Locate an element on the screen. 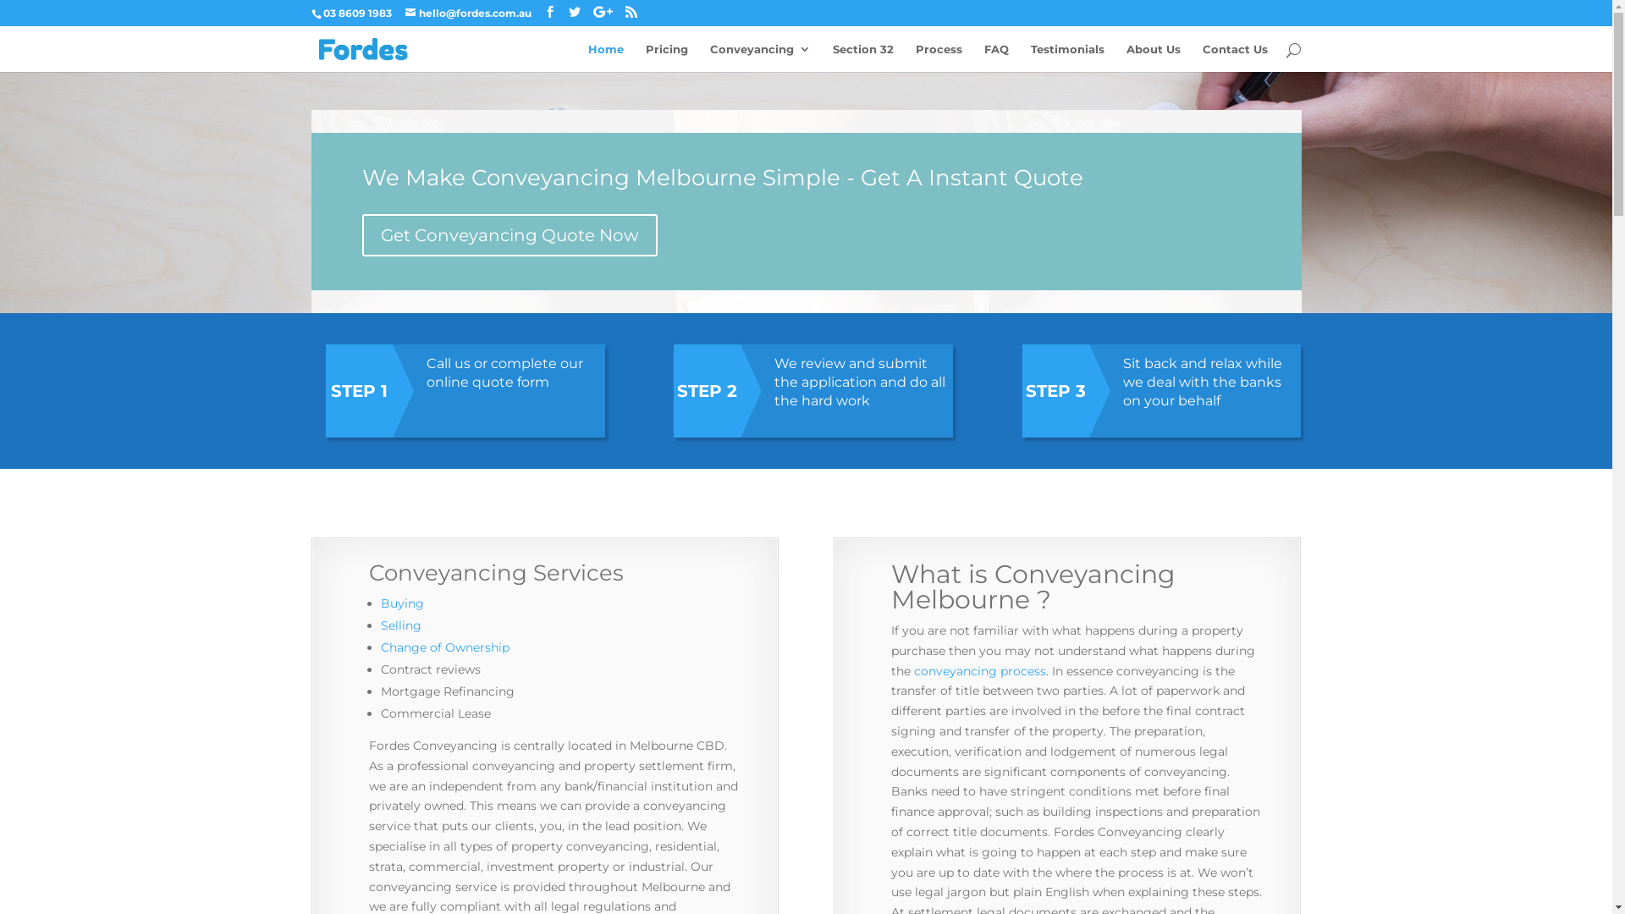  'Selling' is located at coordinates (400, 625).